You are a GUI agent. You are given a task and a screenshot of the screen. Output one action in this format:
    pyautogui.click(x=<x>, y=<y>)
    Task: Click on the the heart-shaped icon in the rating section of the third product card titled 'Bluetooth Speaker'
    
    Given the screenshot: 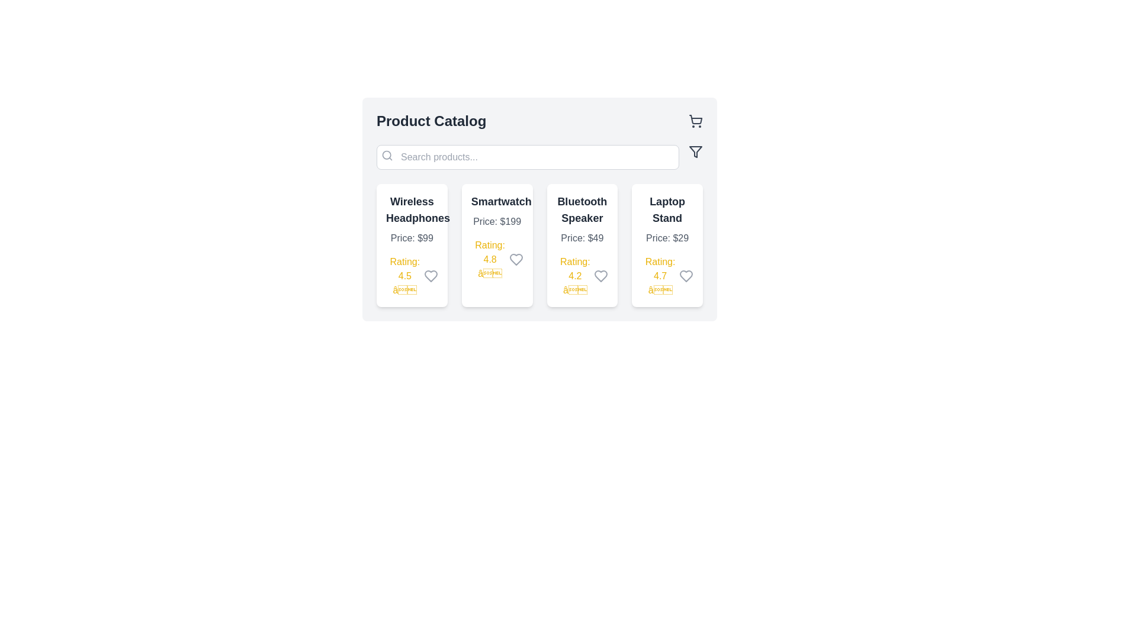 What is the action you would take?
    pyautogui.click(x=601, y=276)
    